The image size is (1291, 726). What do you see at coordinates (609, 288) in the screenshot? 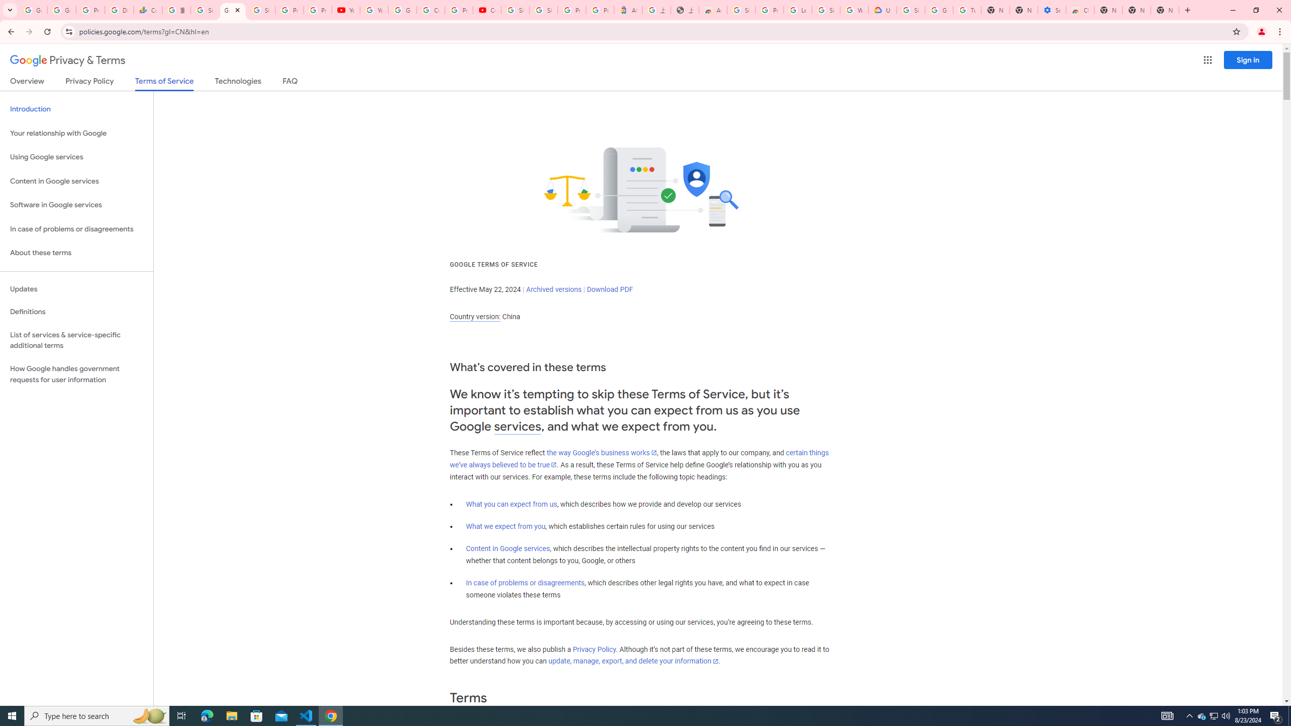
I see `'Download PDF'` at bounding box center [609, 288].